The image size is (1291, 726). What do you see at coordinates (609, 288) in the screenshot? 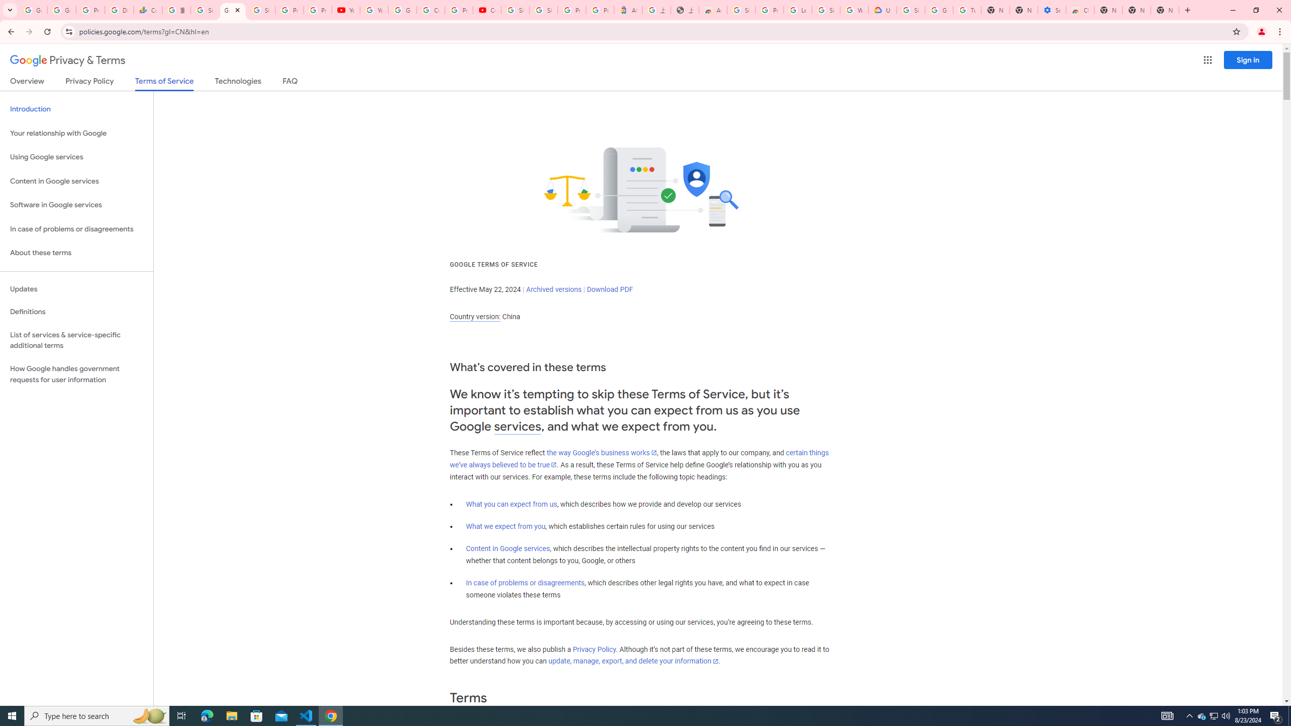
I see `'Download PDF'` at bounding box center [609, 288].